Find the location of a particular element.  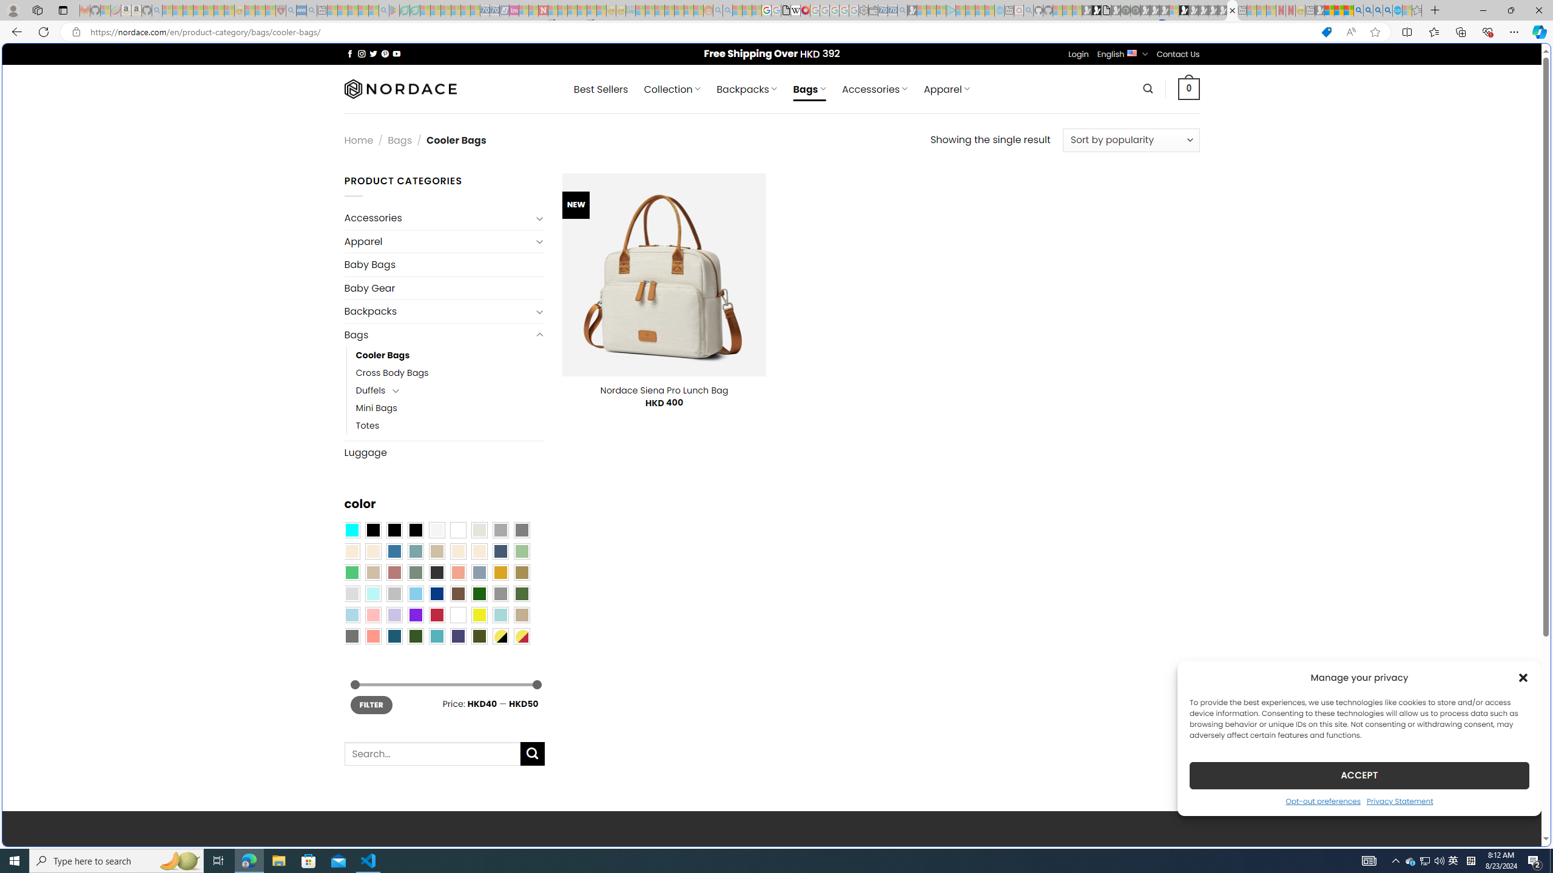

'Silver' is located at coordinates (394, 594).